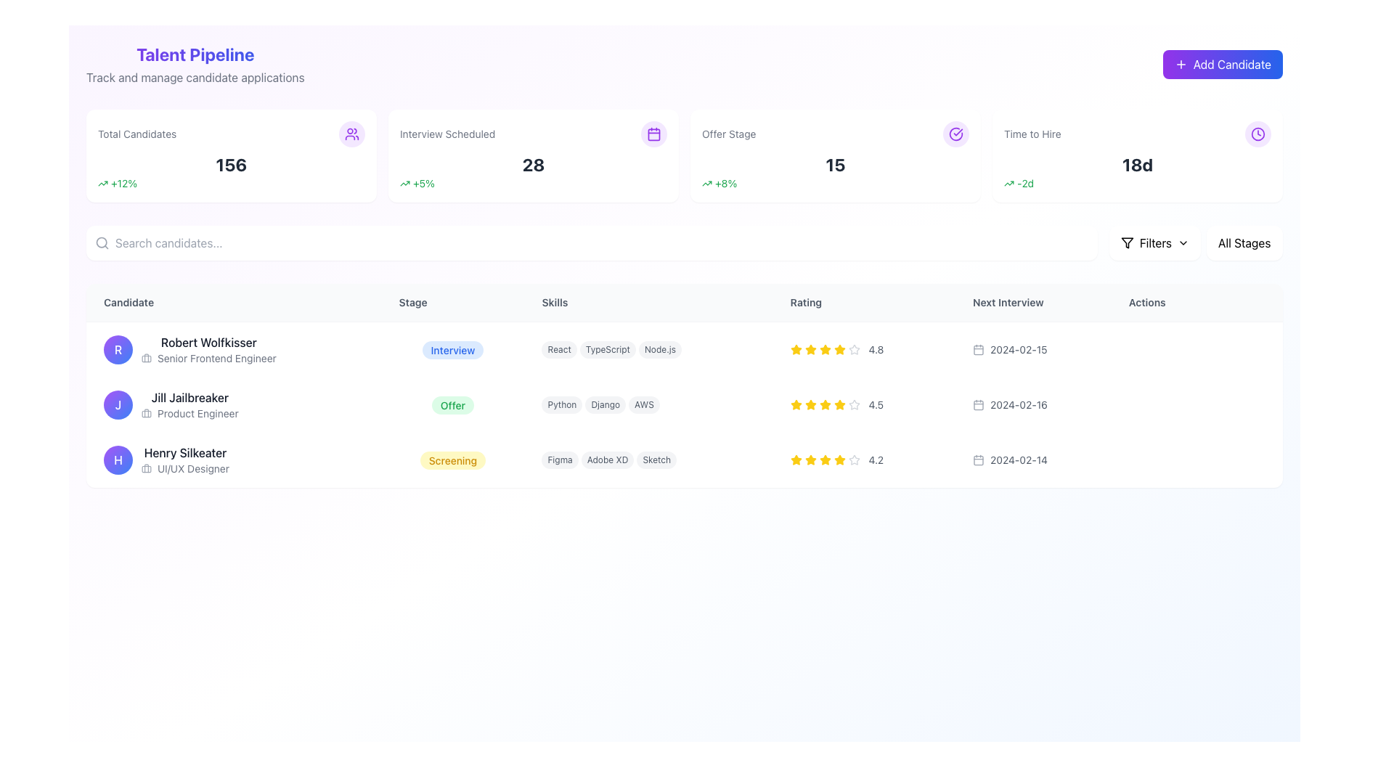 Image resolution: width=1394 pixels, height=784 pixels. What do you see at coordinates (810, 404) in the screenshot?
I see `the yellow star icon in the Rating column for the candidate 'Jill Jailbreaker' to rate it` at bounding box center [810, 404].